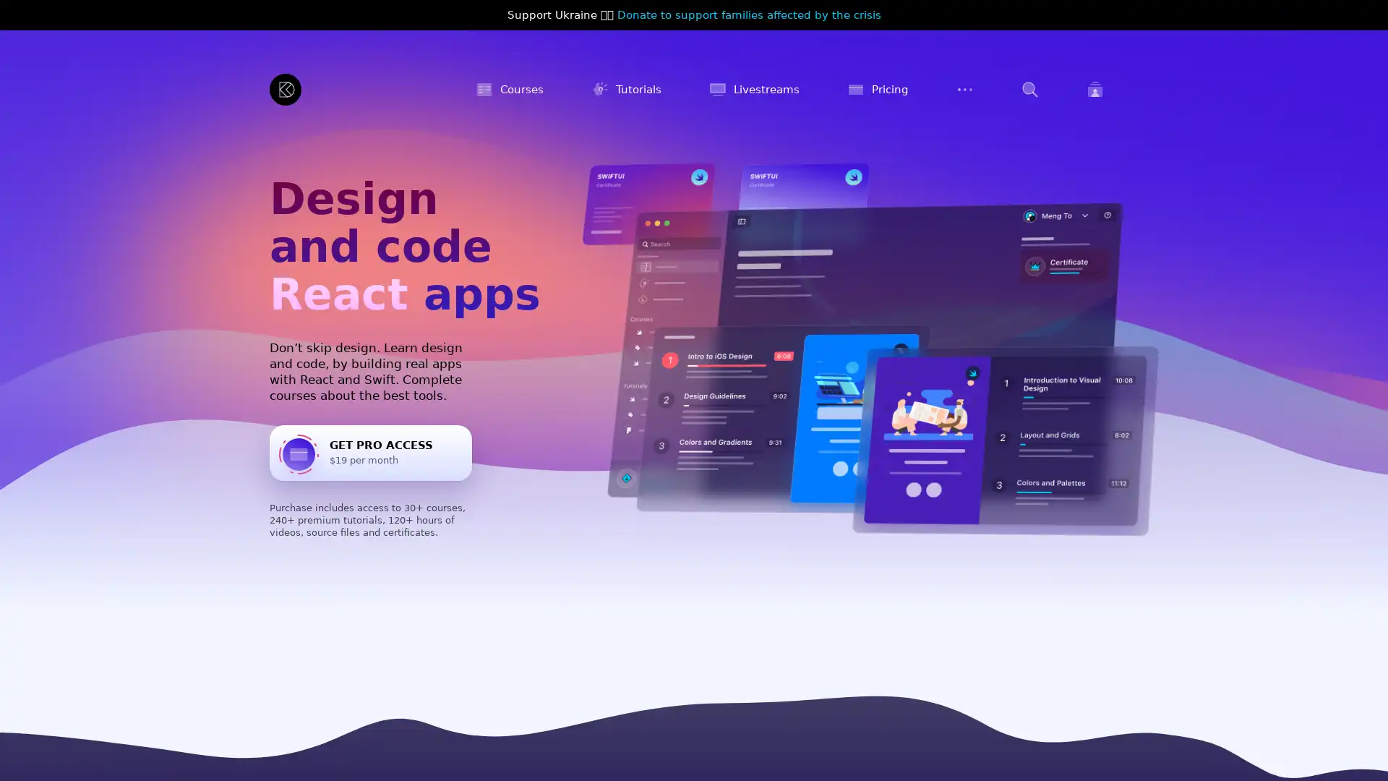 The width and height of the screenshot is (1388, 781). I want to click on Tutorials icon Tutorials, so click(626, 89).